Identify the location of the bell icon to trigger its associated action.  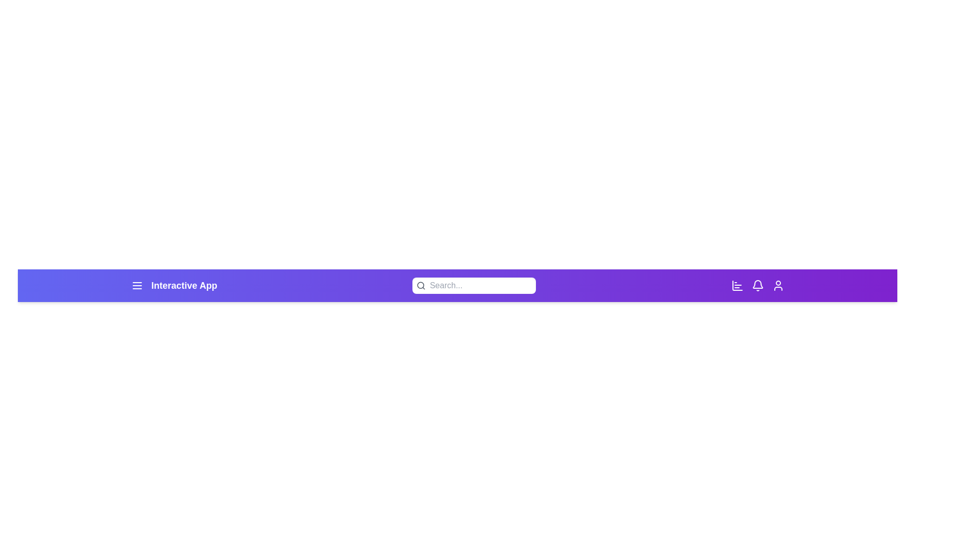
(757, 285).